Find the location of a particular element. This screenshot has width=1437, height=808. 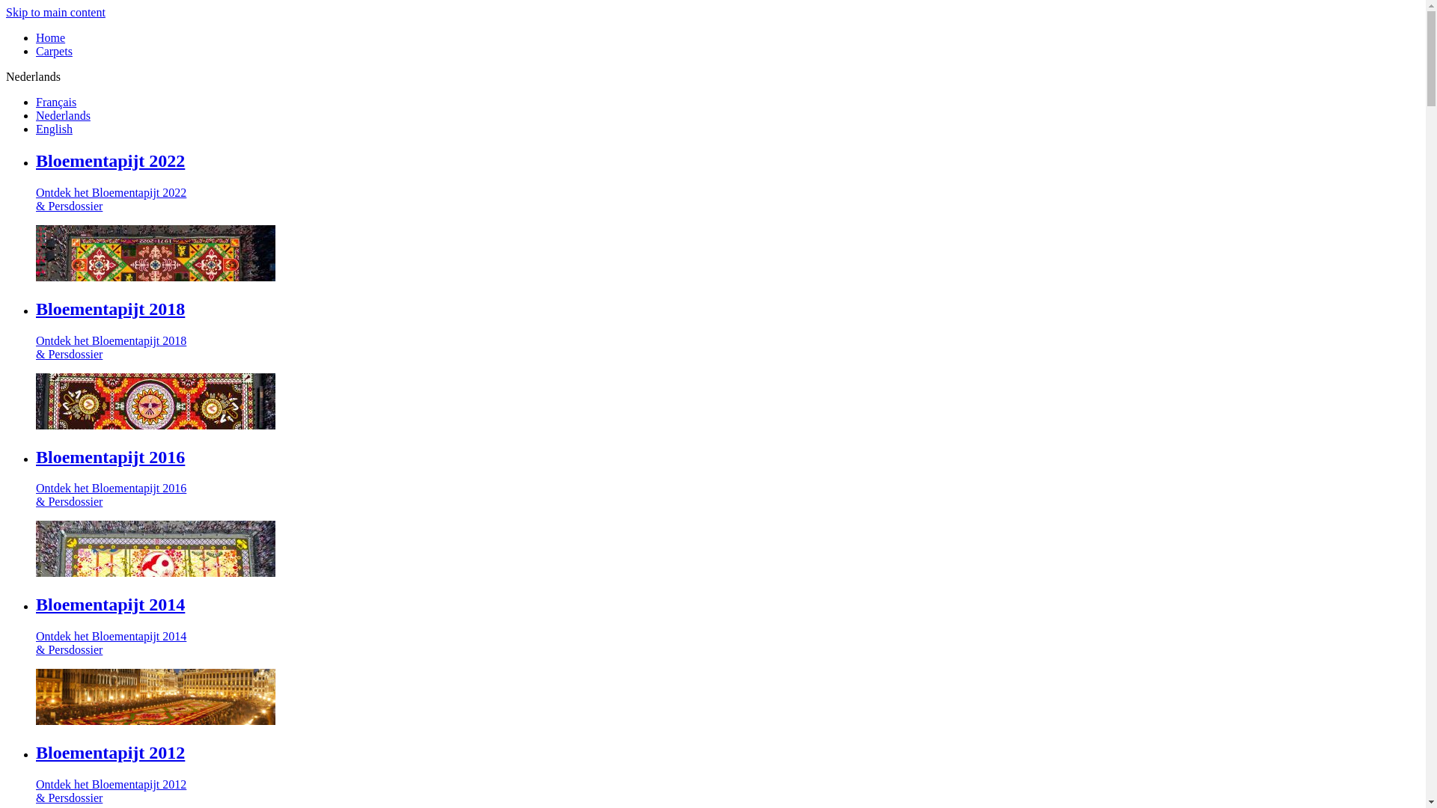

'Home' is located at coordinates (50, 37).